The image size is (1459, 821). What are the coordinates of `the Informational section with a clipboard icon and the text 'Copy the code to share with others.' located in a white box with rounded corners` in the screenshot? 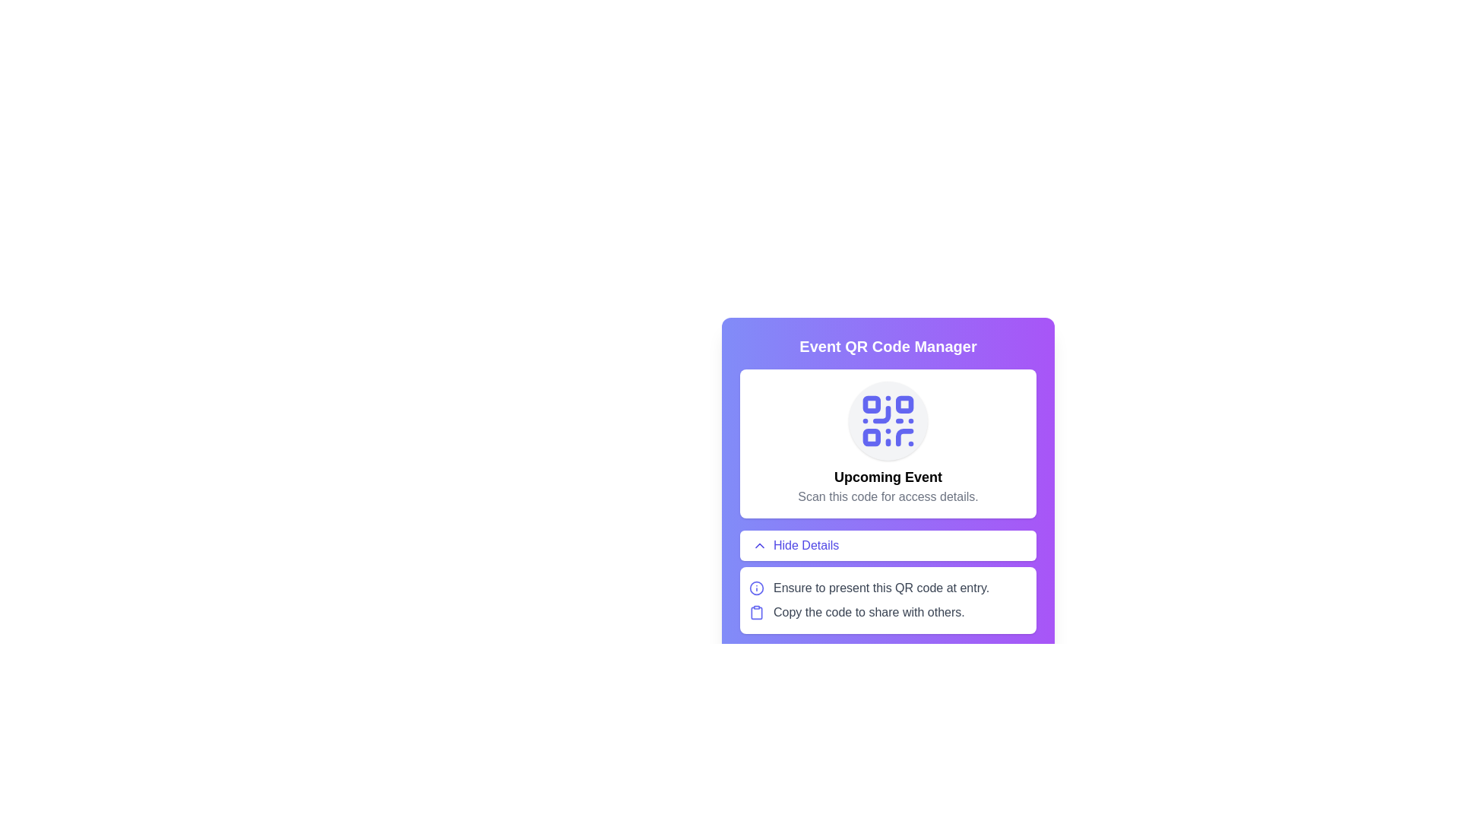 It's located at (888, 612).